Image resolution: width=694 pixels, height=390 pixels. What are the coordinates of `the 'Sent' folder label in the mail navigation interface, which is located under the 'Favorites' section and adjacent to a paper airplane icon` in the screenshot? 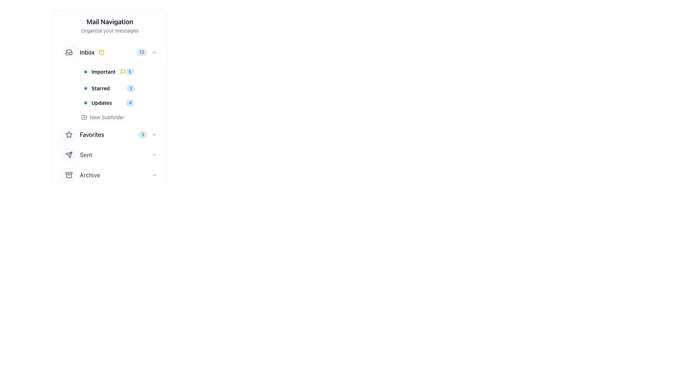 It's located at (86, 154).